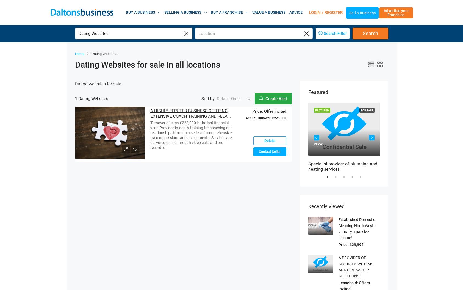 The height and width of the screenshot is (290, 463). What do you see at coordinates (396, 7) in the screenshot?
I see `'Franchise'` at bounding box center [396, 7].